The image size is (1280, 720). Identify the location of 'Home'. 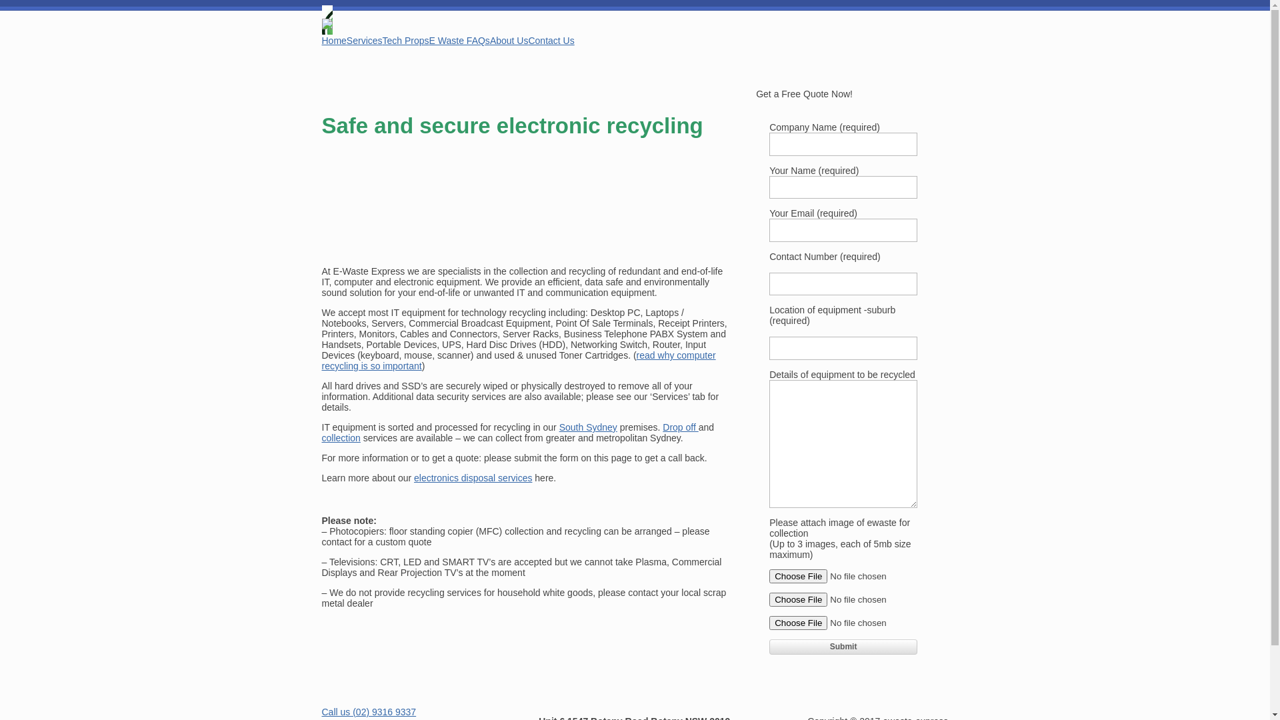
(333, 40).